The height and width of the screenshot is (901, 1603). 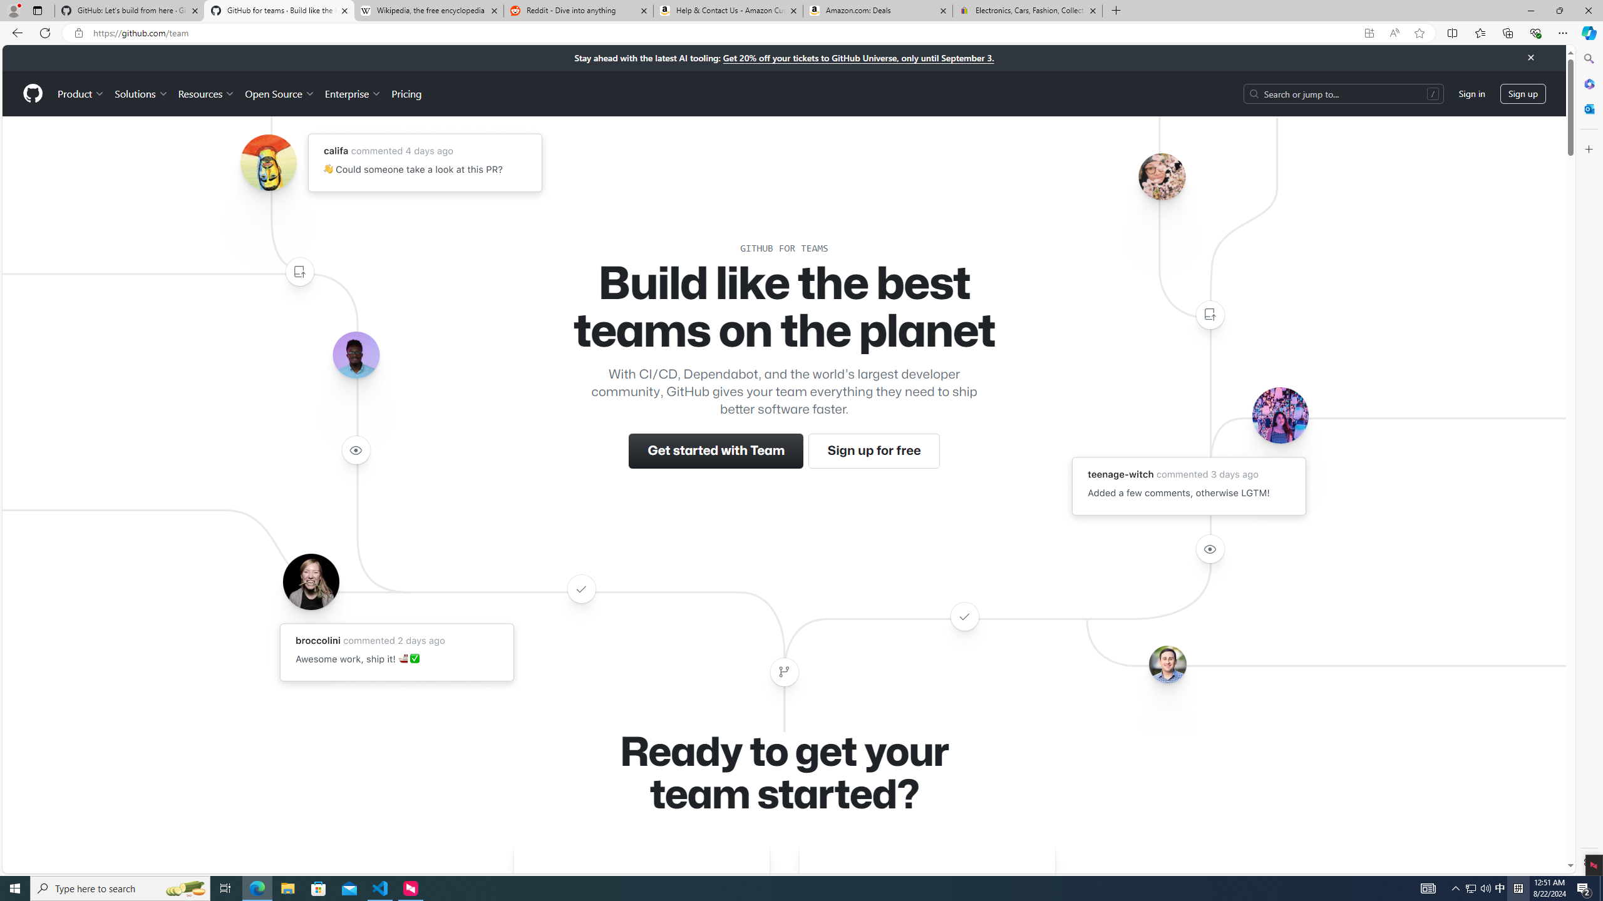 I want to click on 'Avatar of the user lerebear', so click(x=355, y=355).